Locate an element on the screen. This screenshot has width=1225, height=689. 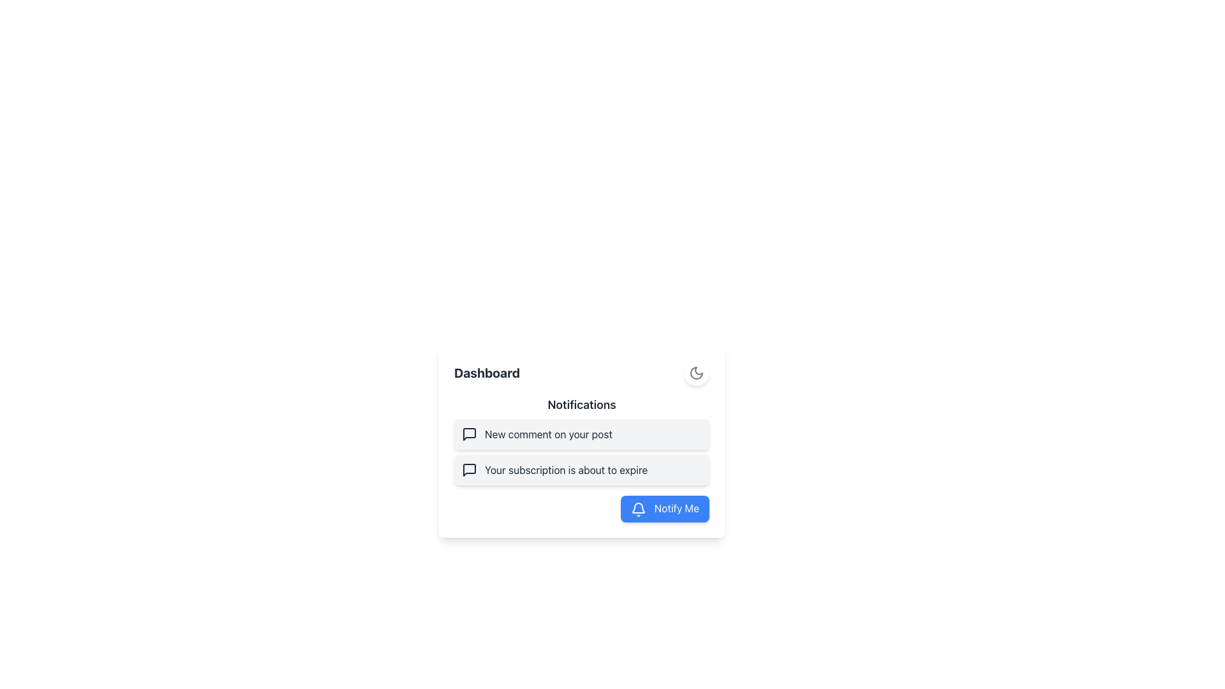
the bell icon representing notifications, which is located to the left of the 'Notify Me' text within a blue rounded button at the bottom-right corner of the card is located at coordinates (639, 508).